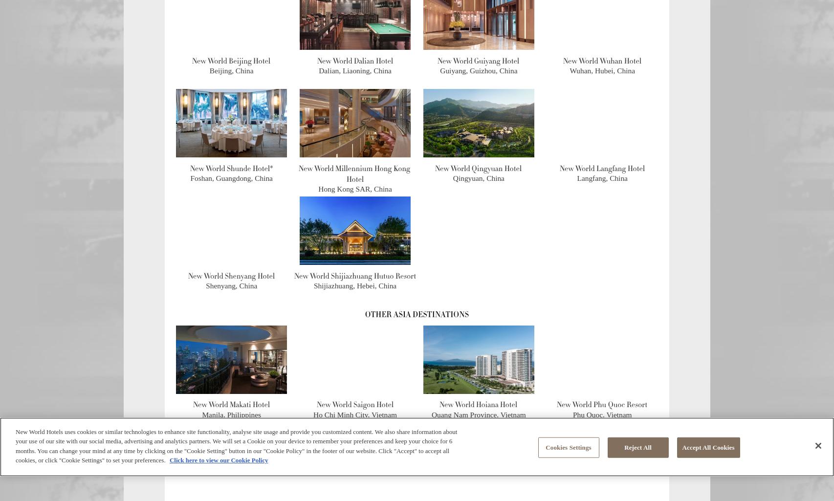 The width and height of the screenshot is (834, 501). Describe the element at coordinates (318, 70) in the screenshot. I see `'Dalian, Liaoning, China'` at that location.